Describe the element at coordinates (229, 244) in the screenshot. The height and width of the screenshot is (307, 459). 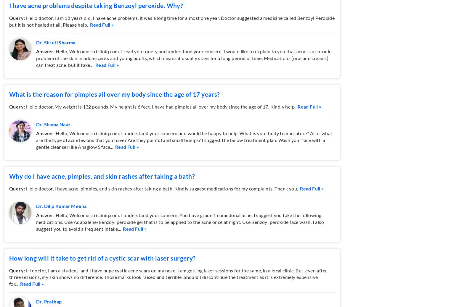
I see `'Copyright © 2023, iCliniq - All Rights Reserved'` at that location.